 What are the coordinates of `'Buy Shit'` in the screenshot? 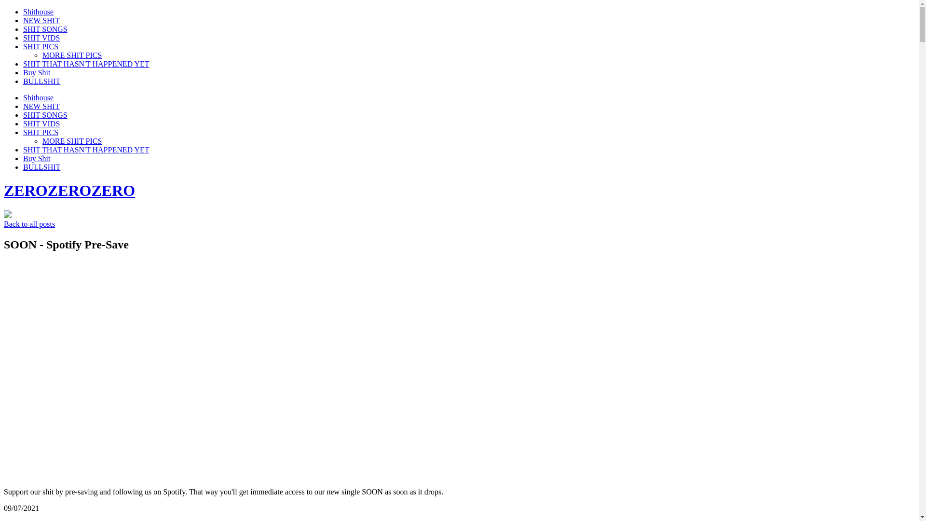 It's located at (37, 158).